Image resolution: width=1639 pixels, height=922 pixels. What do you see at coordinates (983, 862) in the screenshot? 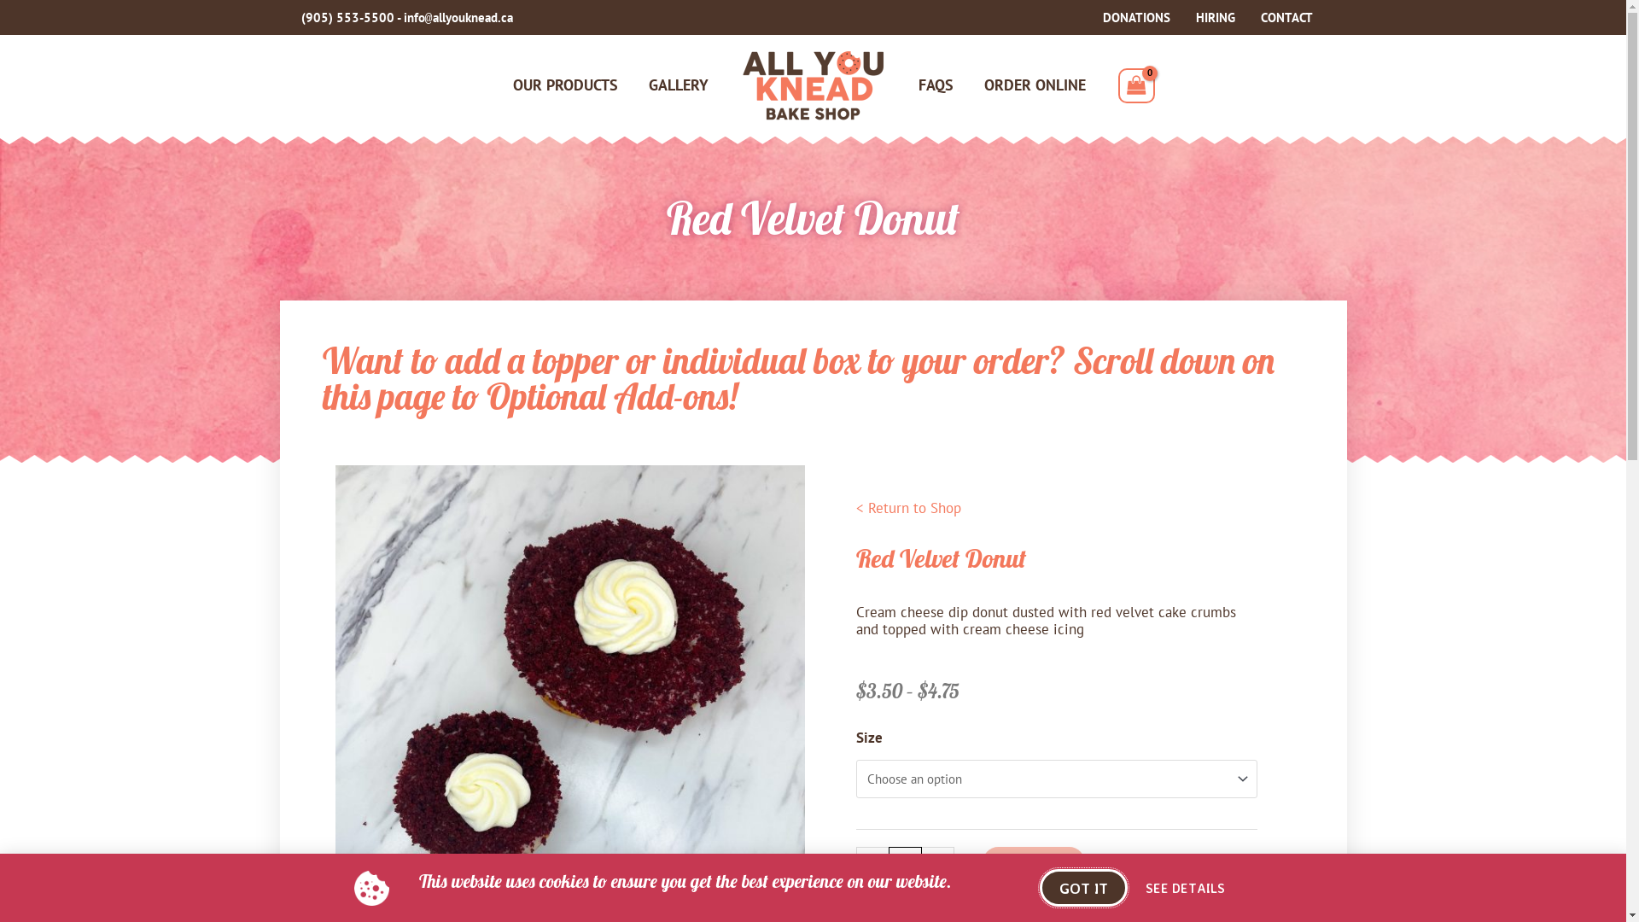
I see `'Add To Cart'` at bounding box center [983, 862].